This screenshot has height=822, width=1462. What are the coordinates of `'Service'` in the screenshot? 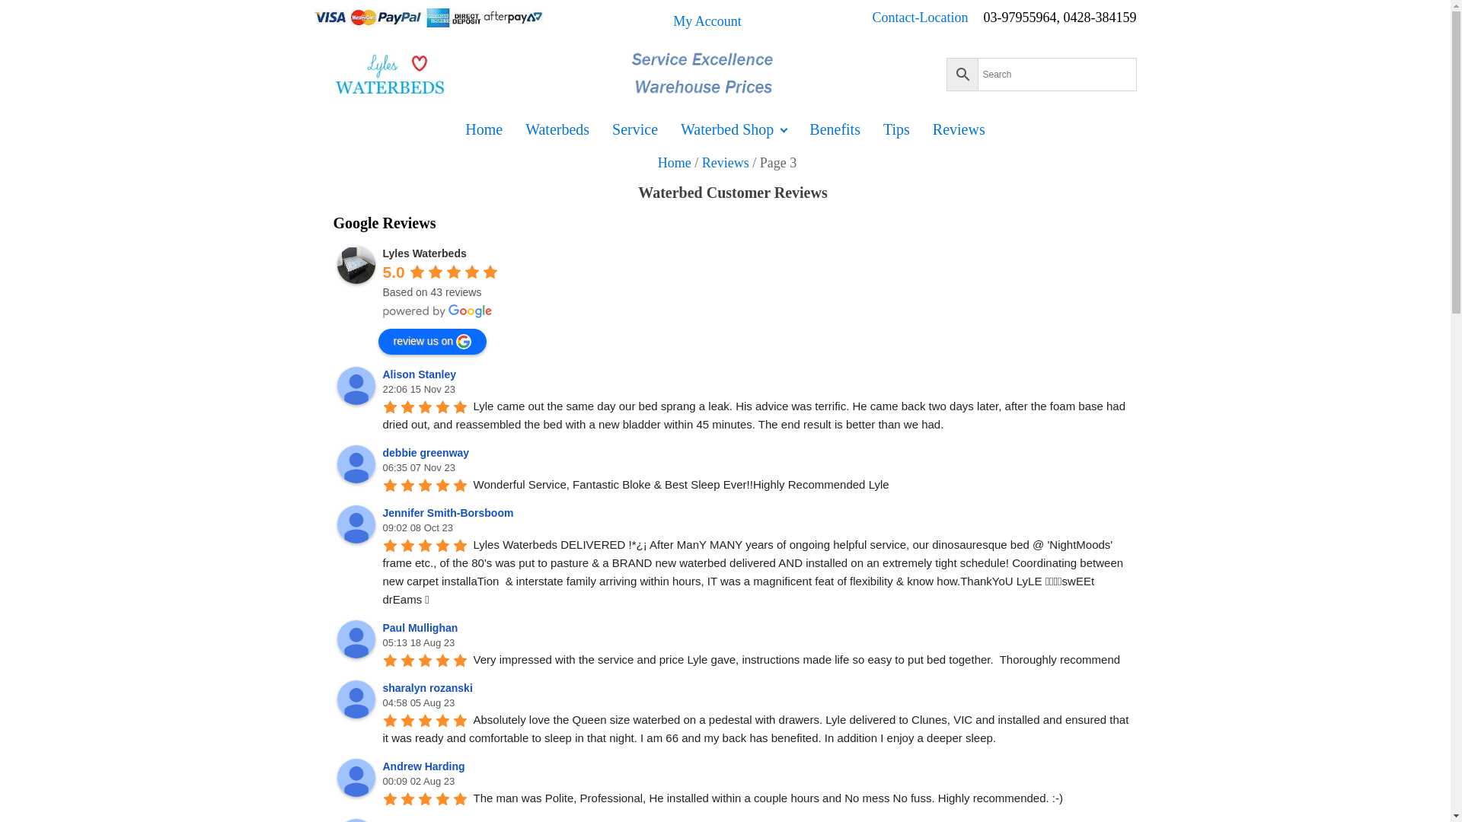 It's located at (635, 128).